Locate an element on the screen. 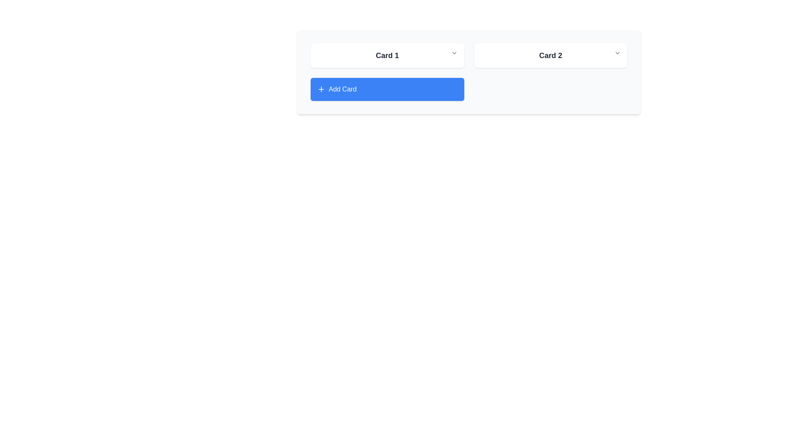 This screenshot has width=791, height=445. the text label reading 'Card 2', which is styled with a large font size and bold dark gray text against a white background, positioned in the upper-right area of the layout is located at coordinates (550, 56).